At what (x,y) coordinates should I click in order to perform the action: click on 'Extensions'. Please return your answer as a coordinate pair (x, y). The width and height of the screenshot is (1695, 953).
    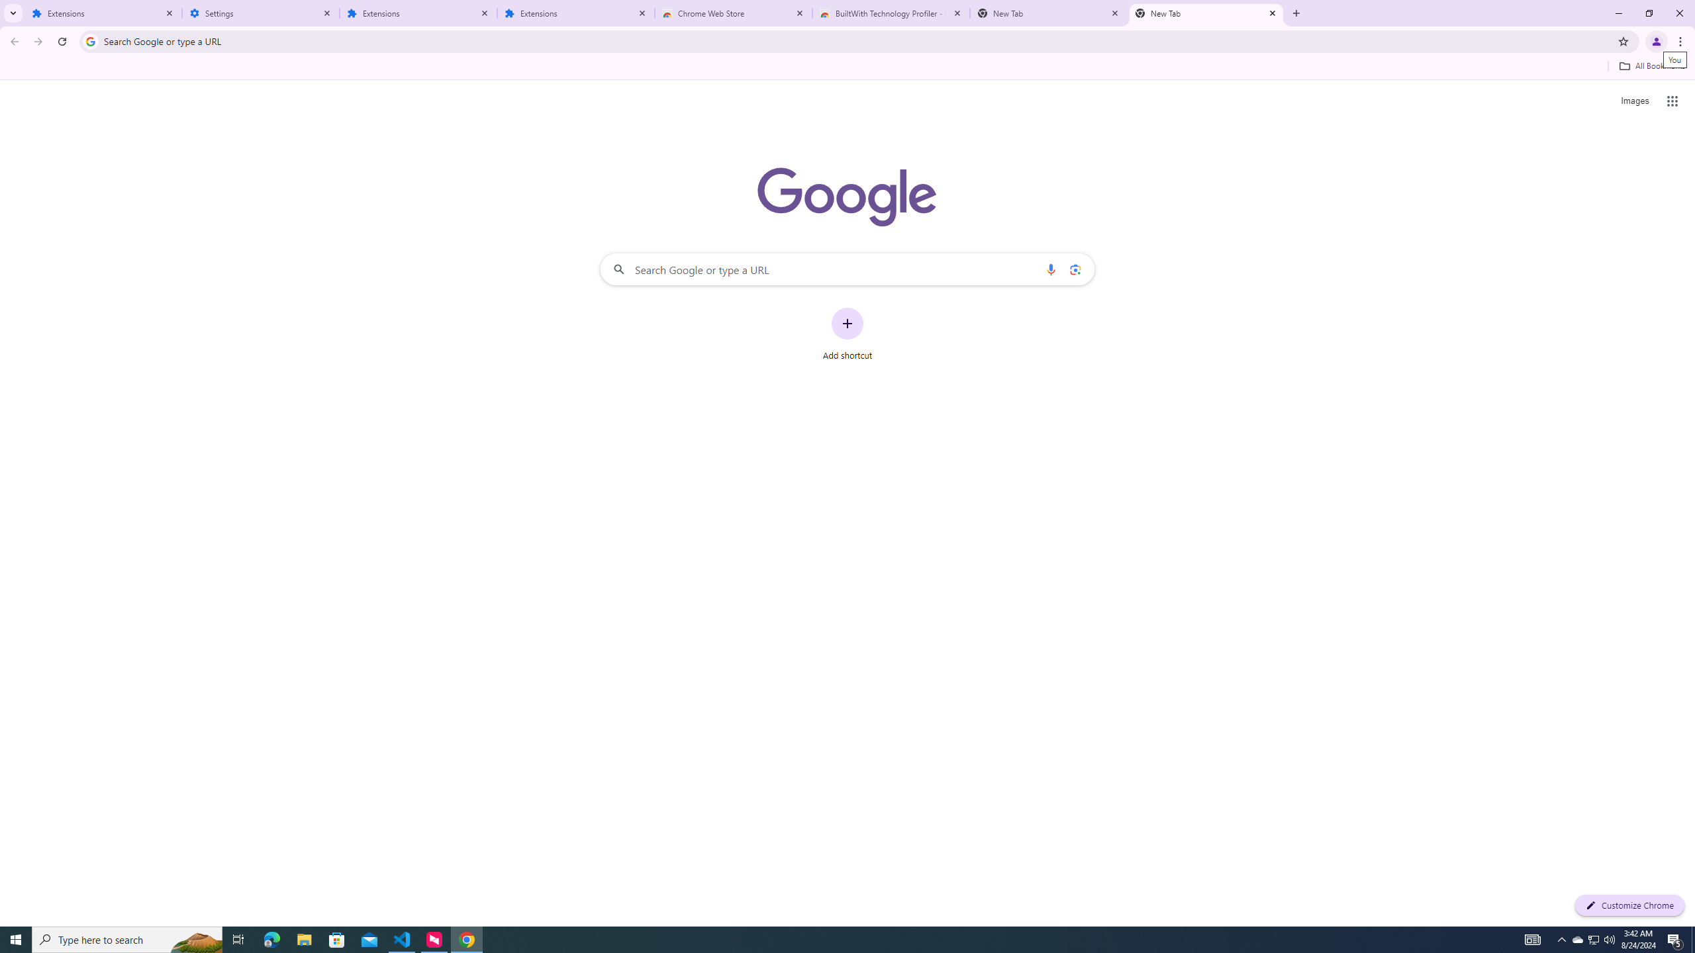
    Looking at the image, I should click on (575, 13).